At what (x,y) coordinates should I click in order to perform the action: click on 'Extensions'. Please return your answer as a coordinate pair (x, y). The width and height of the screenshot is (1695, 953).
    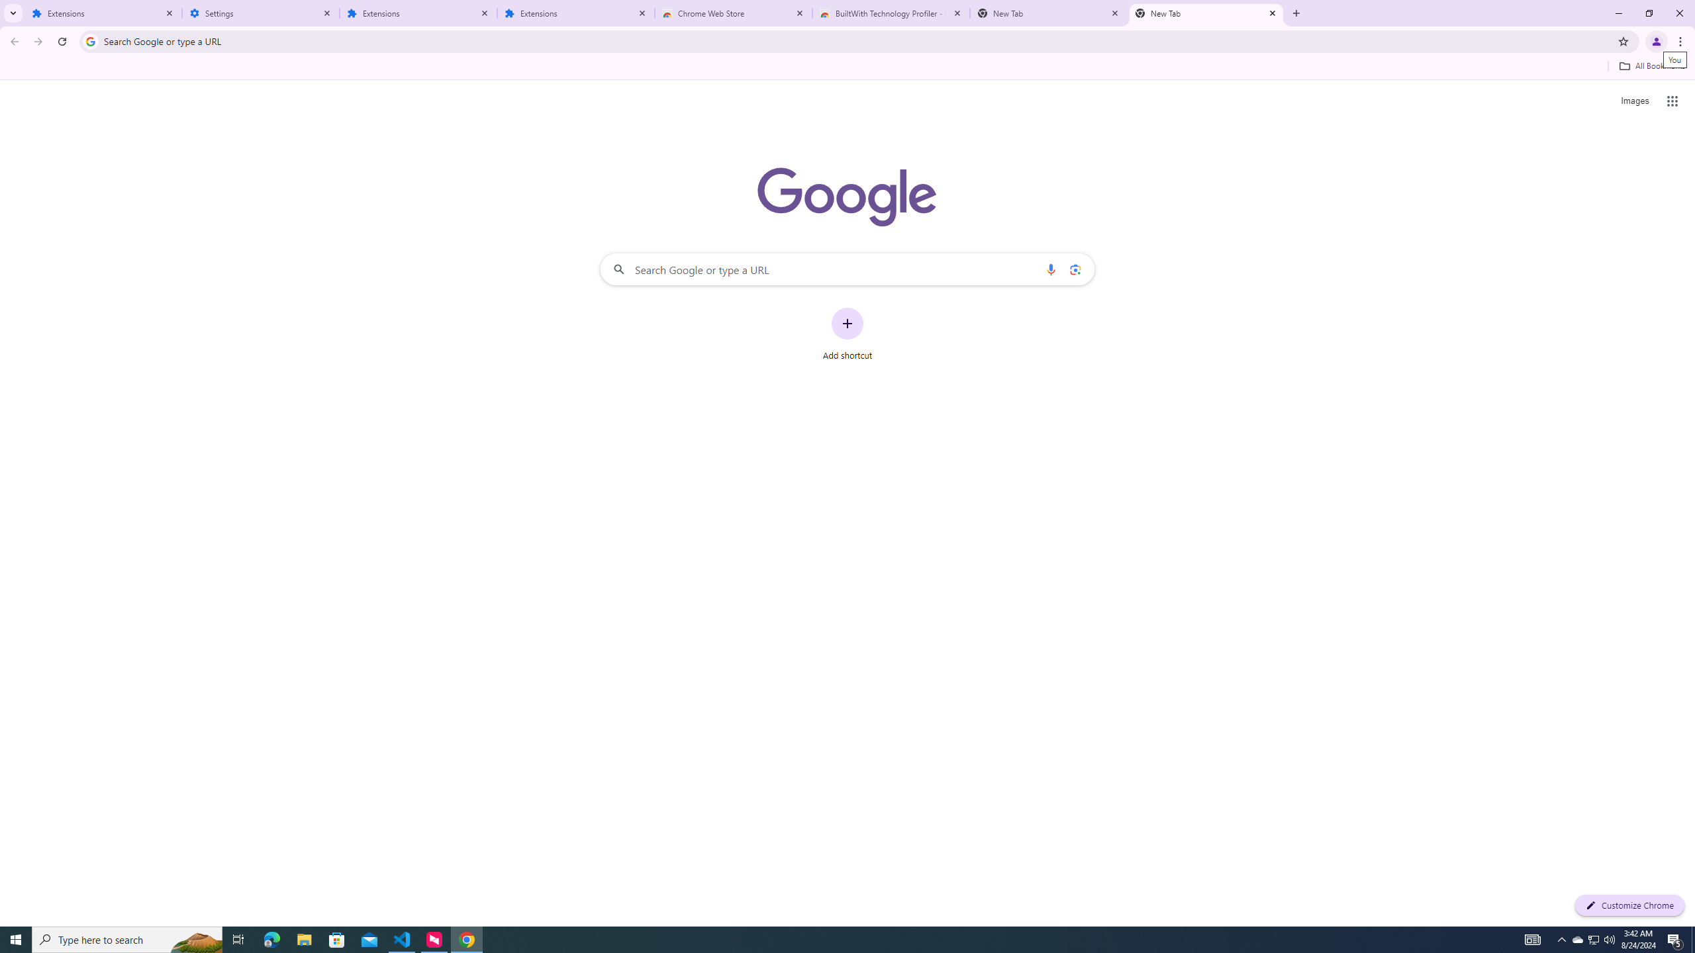
    Looking at the image, I should click on (575, 13).